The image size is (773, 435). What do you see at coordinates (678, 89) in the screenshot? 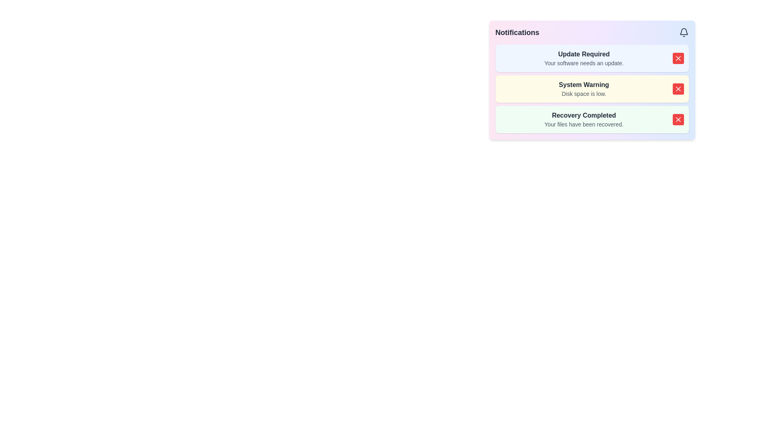
I see `the dismiss button located at the far right end of the 'System Warning' notification block` at bounding box center [678, 89].